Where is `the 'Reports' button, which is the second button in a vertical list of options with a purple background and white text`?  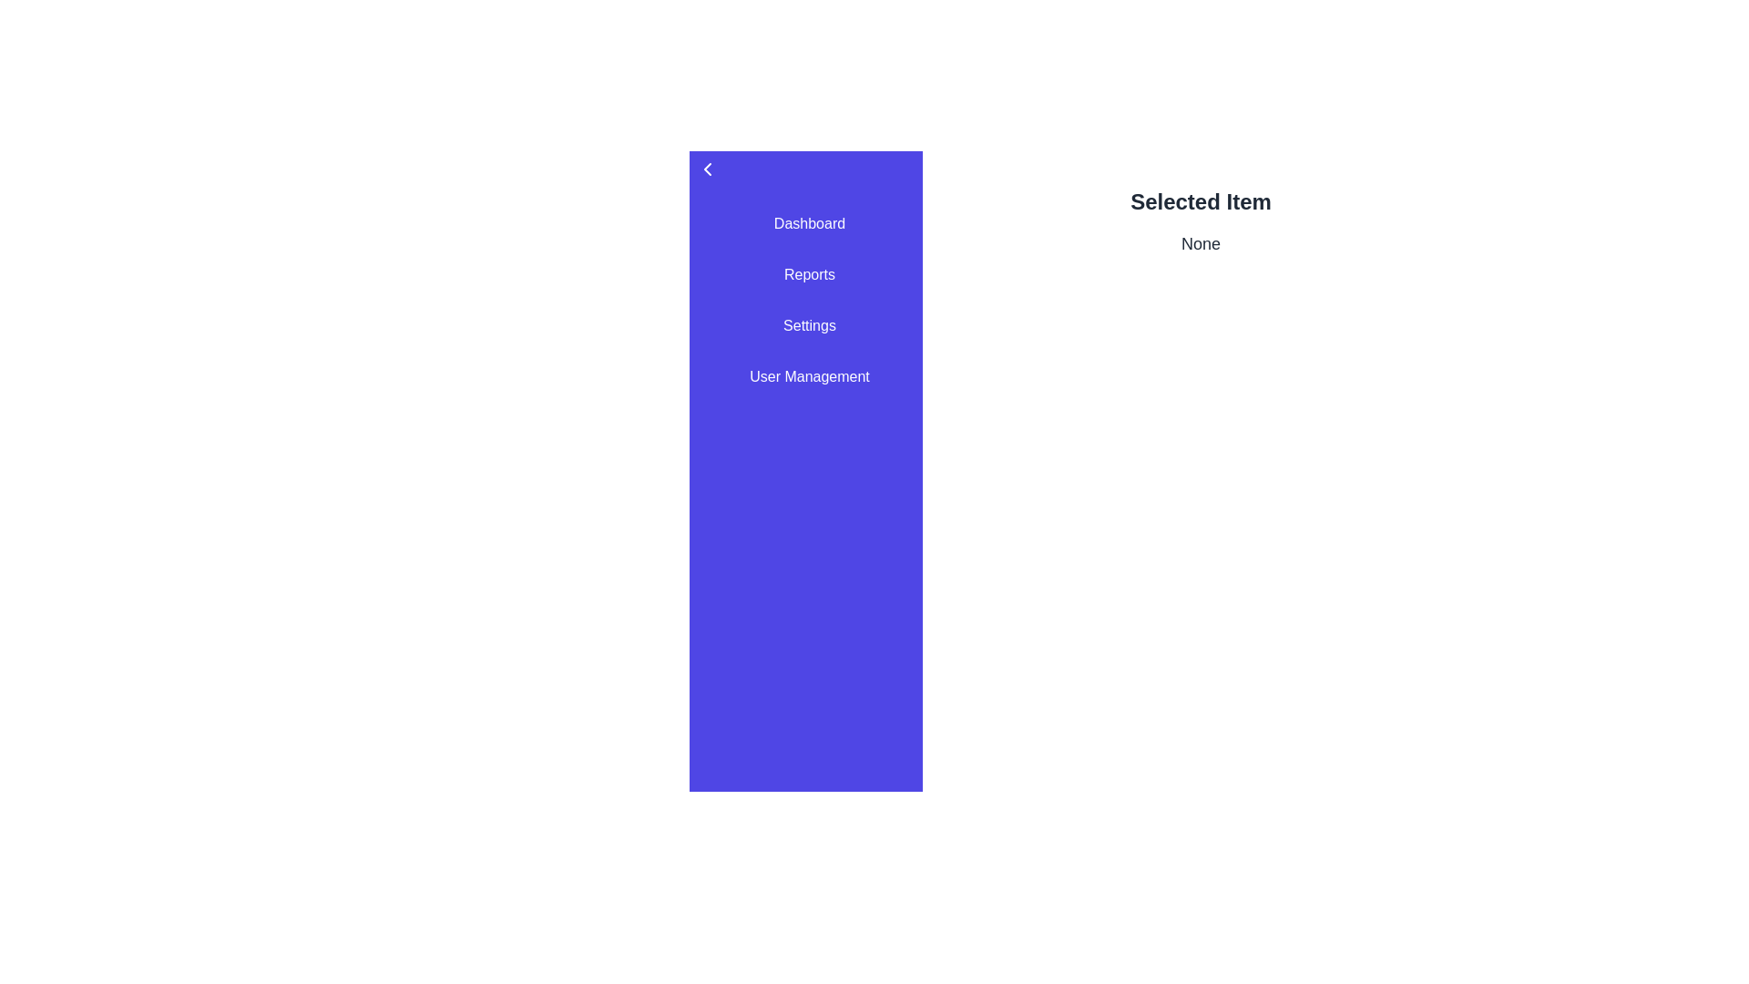 the 'Reports' button, which is the second button in a vertical list of options with a purple background and white text is located at coordinates (808, 274).